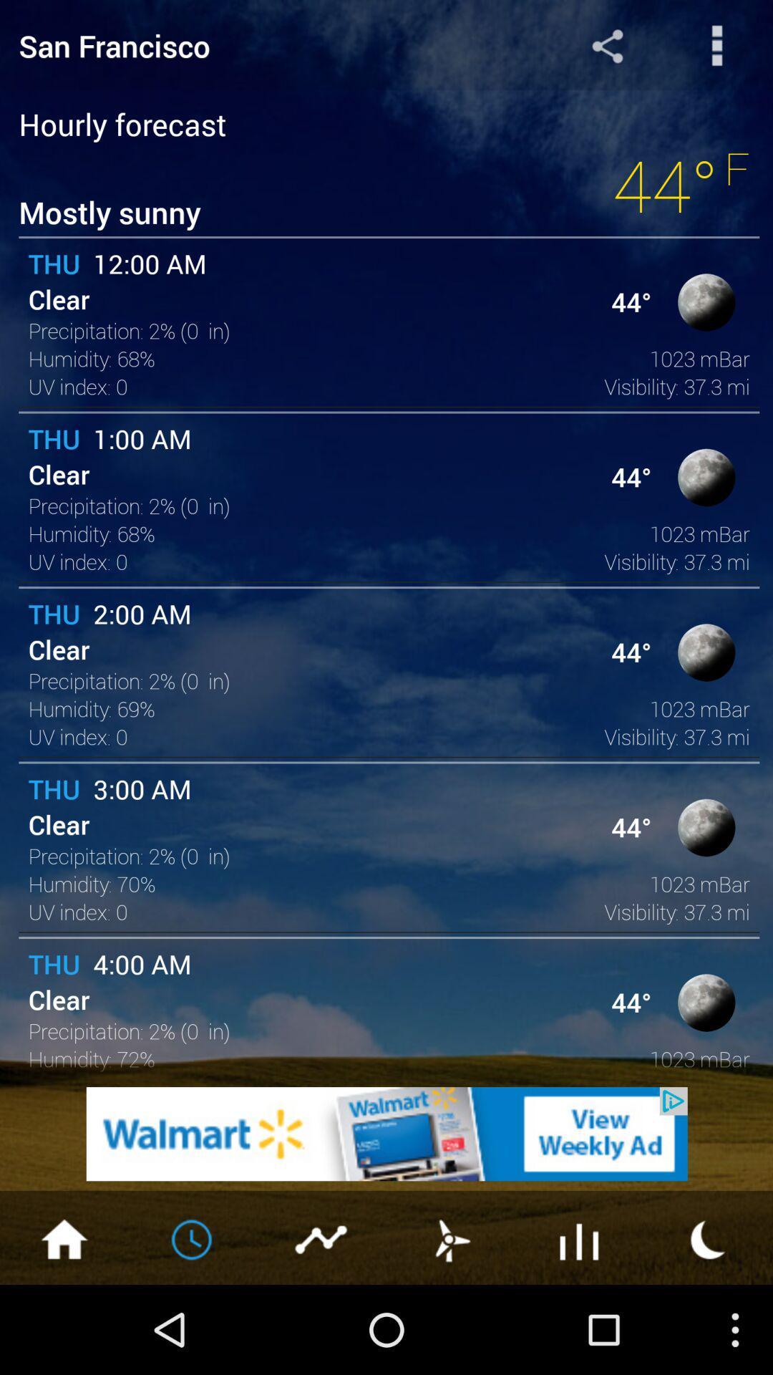 This screenshot has height=1375, width=773. What do you see at coordinates (449, 1324) in the screenshot?
I see `the weather icon` at bounding box center [449, 1324].